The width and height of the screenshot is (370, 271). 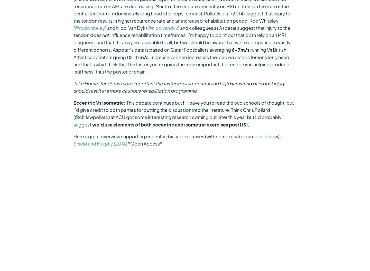 What do you see at coordinates (126, 28) in the screenshot?
I see `') and Nicol Van Dyk ('` at bounding box center [126, 28].